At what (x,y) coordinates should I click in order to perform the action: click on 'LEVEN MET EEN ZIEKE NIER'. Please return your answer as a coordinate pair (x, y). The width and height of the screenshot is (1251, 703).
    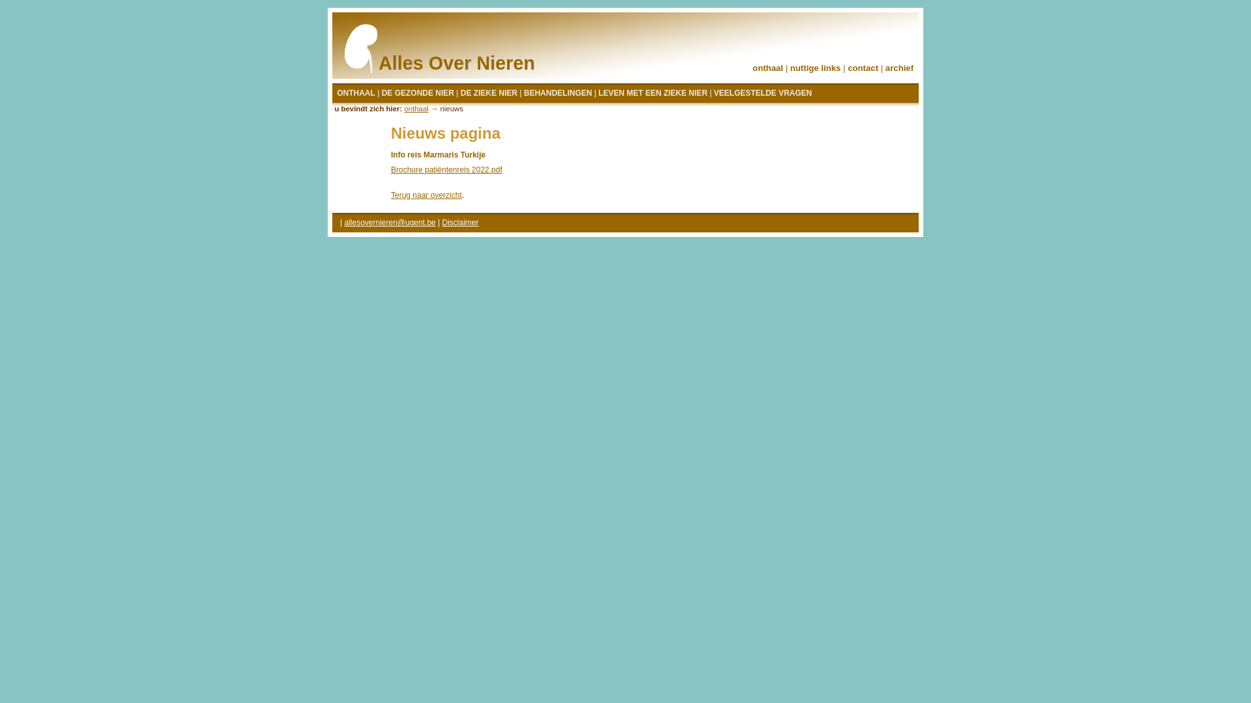
    Looking at the image, I should click on (597, 92).